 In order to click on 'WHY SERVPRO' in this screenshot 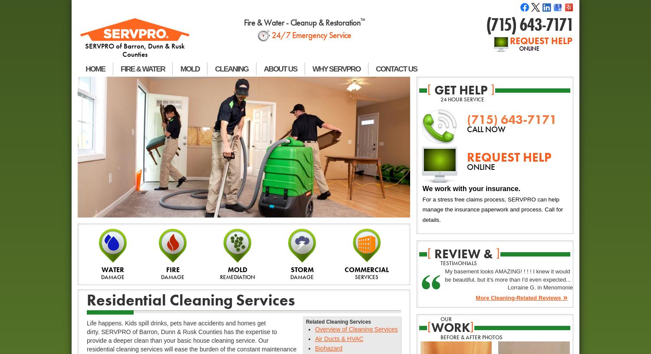, I will do `click(336, 68)`.